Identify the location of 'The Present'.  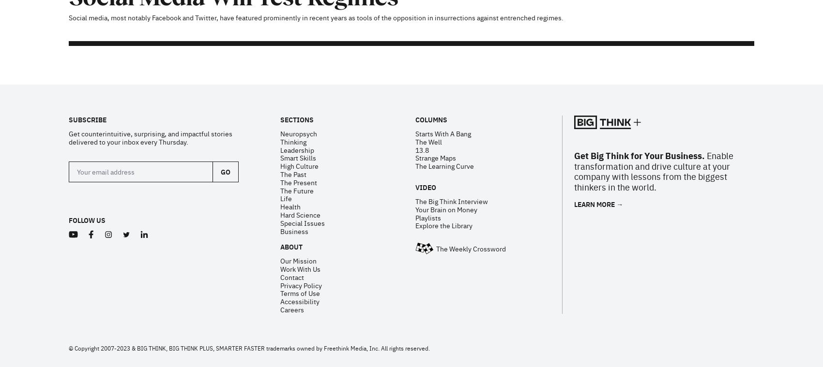
(279, 56).